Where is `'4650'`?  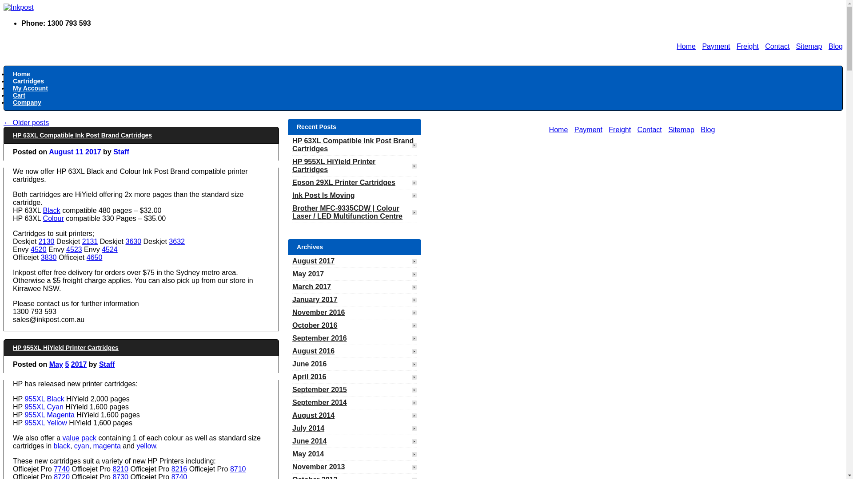 '4650' is located at coordinates (94, 257).